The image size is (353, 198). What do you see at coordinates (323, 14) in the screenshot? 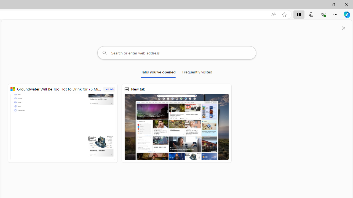
I see `'Browser essentials'` at bounding box center [323, 14].